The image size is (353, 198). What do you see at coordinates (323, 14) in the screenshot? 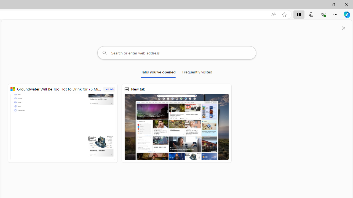
I see `'Browser essentials'` at bounding box center [323, 14].